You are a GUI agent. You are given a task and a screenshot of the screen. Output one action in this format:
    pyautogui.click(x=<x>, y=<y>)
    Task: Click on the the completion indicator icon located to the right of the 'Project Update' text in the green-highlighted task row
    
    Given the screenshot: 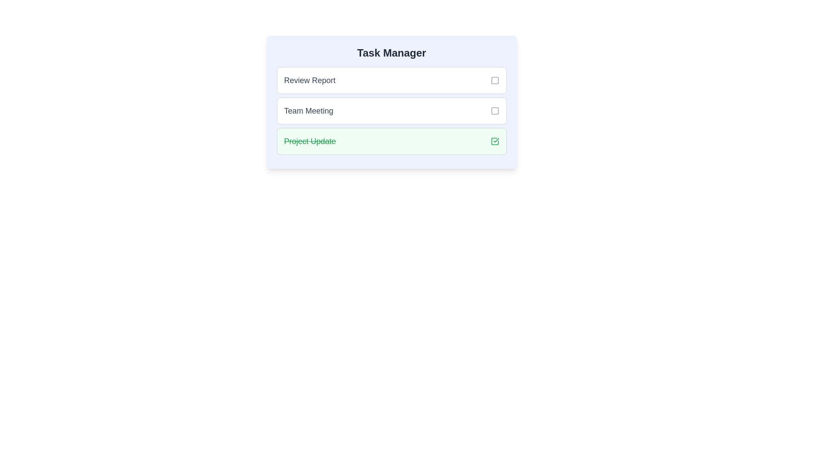 What is the action you would take?
    pyautogui.click(x=495, y=141)
    